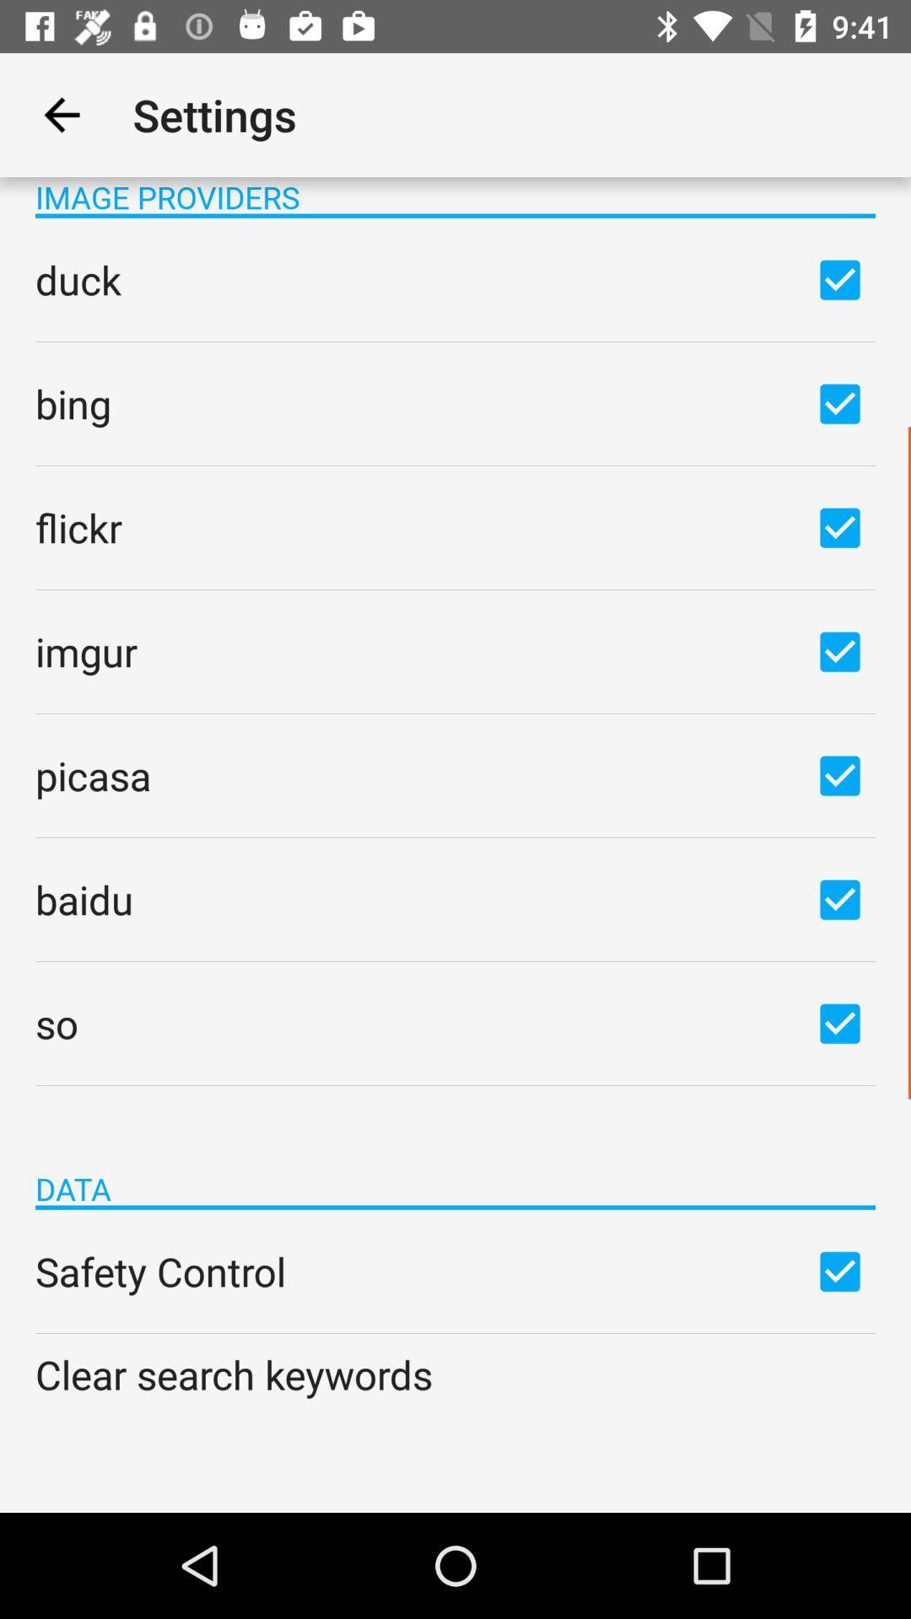 Image resolution: width=911 pixels, height=1619 pixels. I want to click on activate or deactivate safety control, so click(839, 1271).